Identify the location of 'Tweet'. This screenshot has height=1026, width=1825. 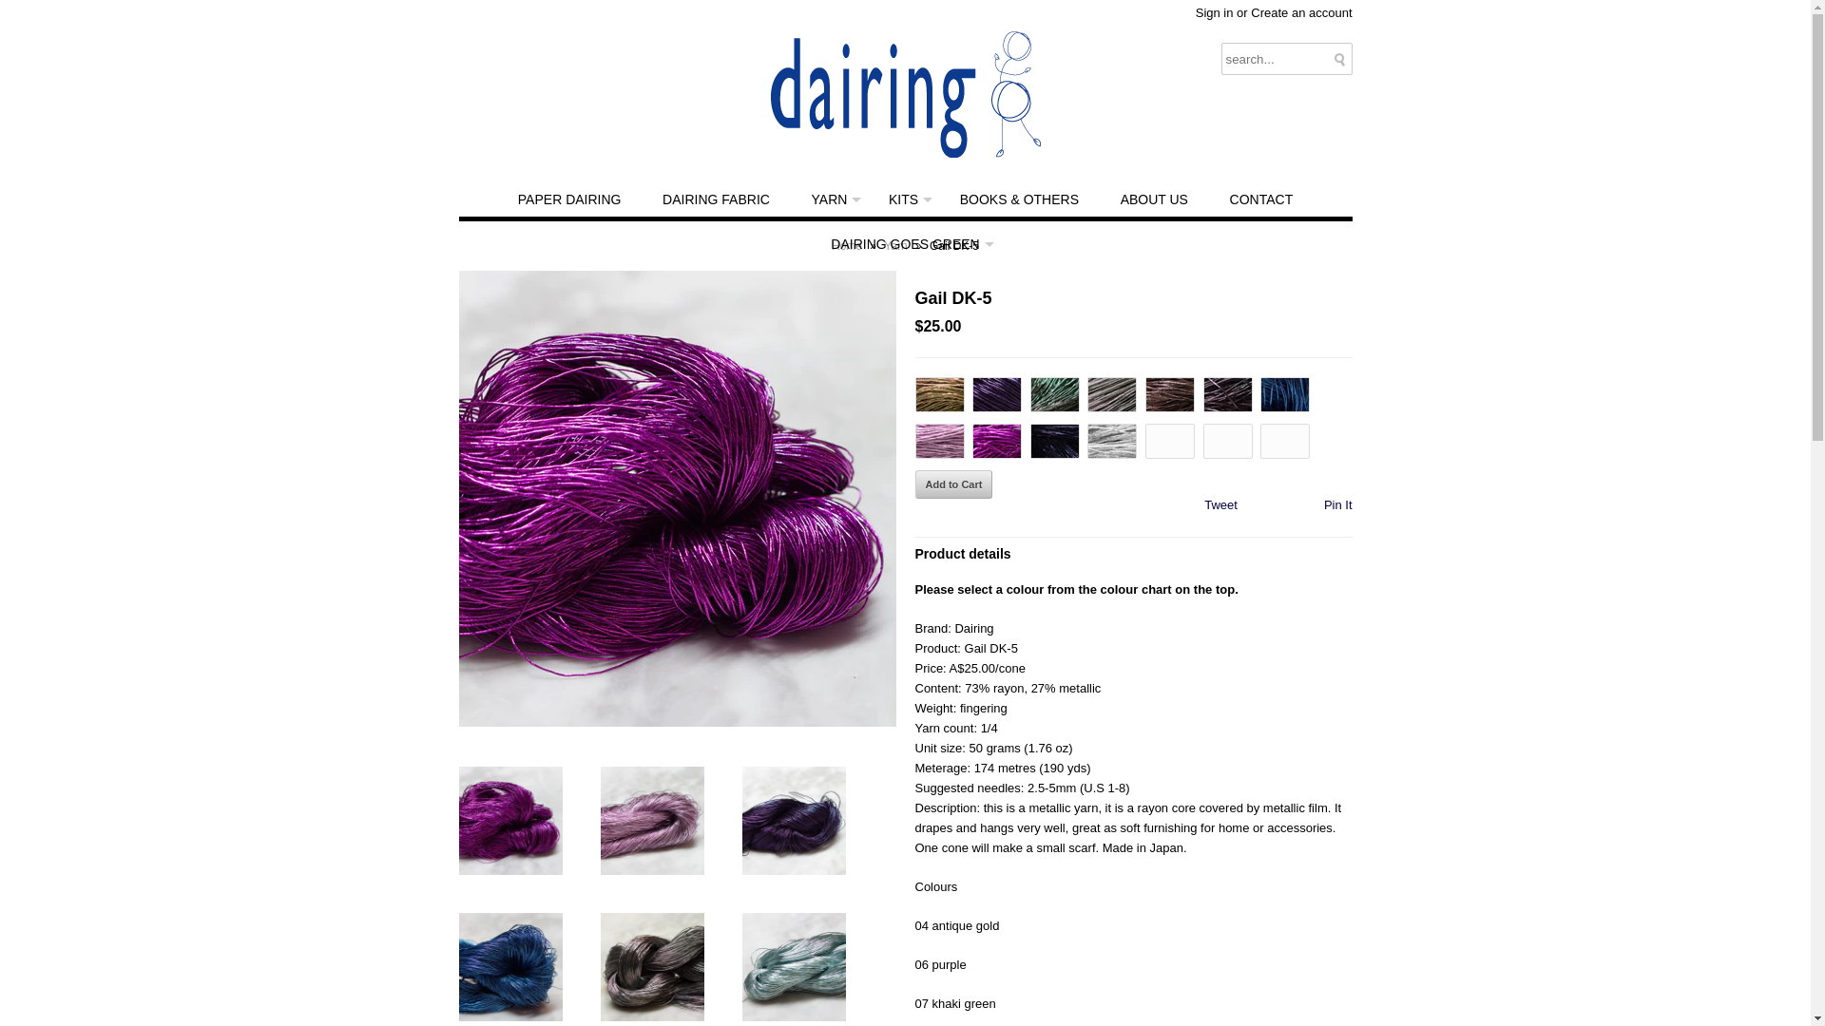
(1220, 503).